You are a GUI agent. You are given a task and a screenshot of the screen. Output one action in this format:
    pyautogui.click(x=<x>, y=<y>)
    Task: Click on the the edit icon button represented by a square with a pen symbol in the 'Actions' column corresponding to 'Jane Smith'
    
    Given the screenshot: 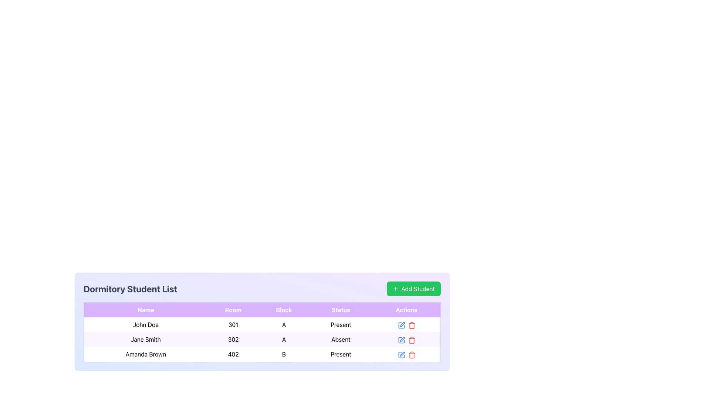 What is the action you would take?
    pyautogui.click(x=401, y=340)
    